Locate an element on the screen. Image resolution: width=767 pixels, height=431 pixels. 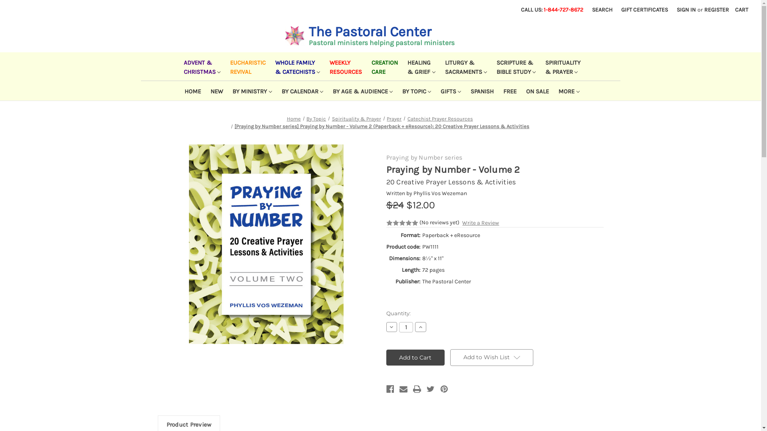
'EUCHARISTIC is located at coordinates (246, 66).